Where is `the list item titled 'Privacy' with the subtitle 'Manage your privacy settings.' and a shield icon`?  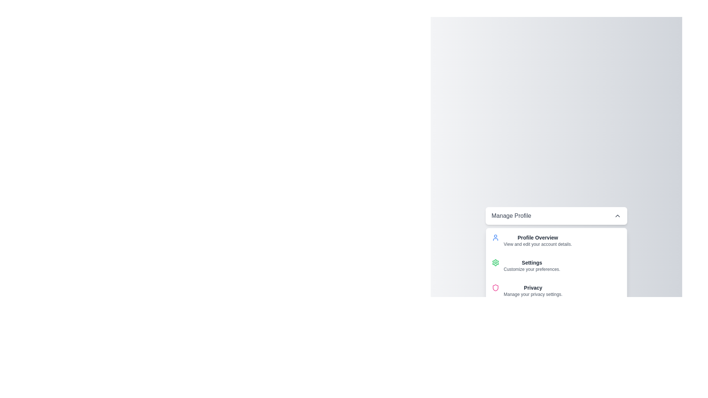
the list item titled 'Privacy' with the subtitle 'Manage your privacy settings.' and a shield icon is located at coordinates (556, 290).